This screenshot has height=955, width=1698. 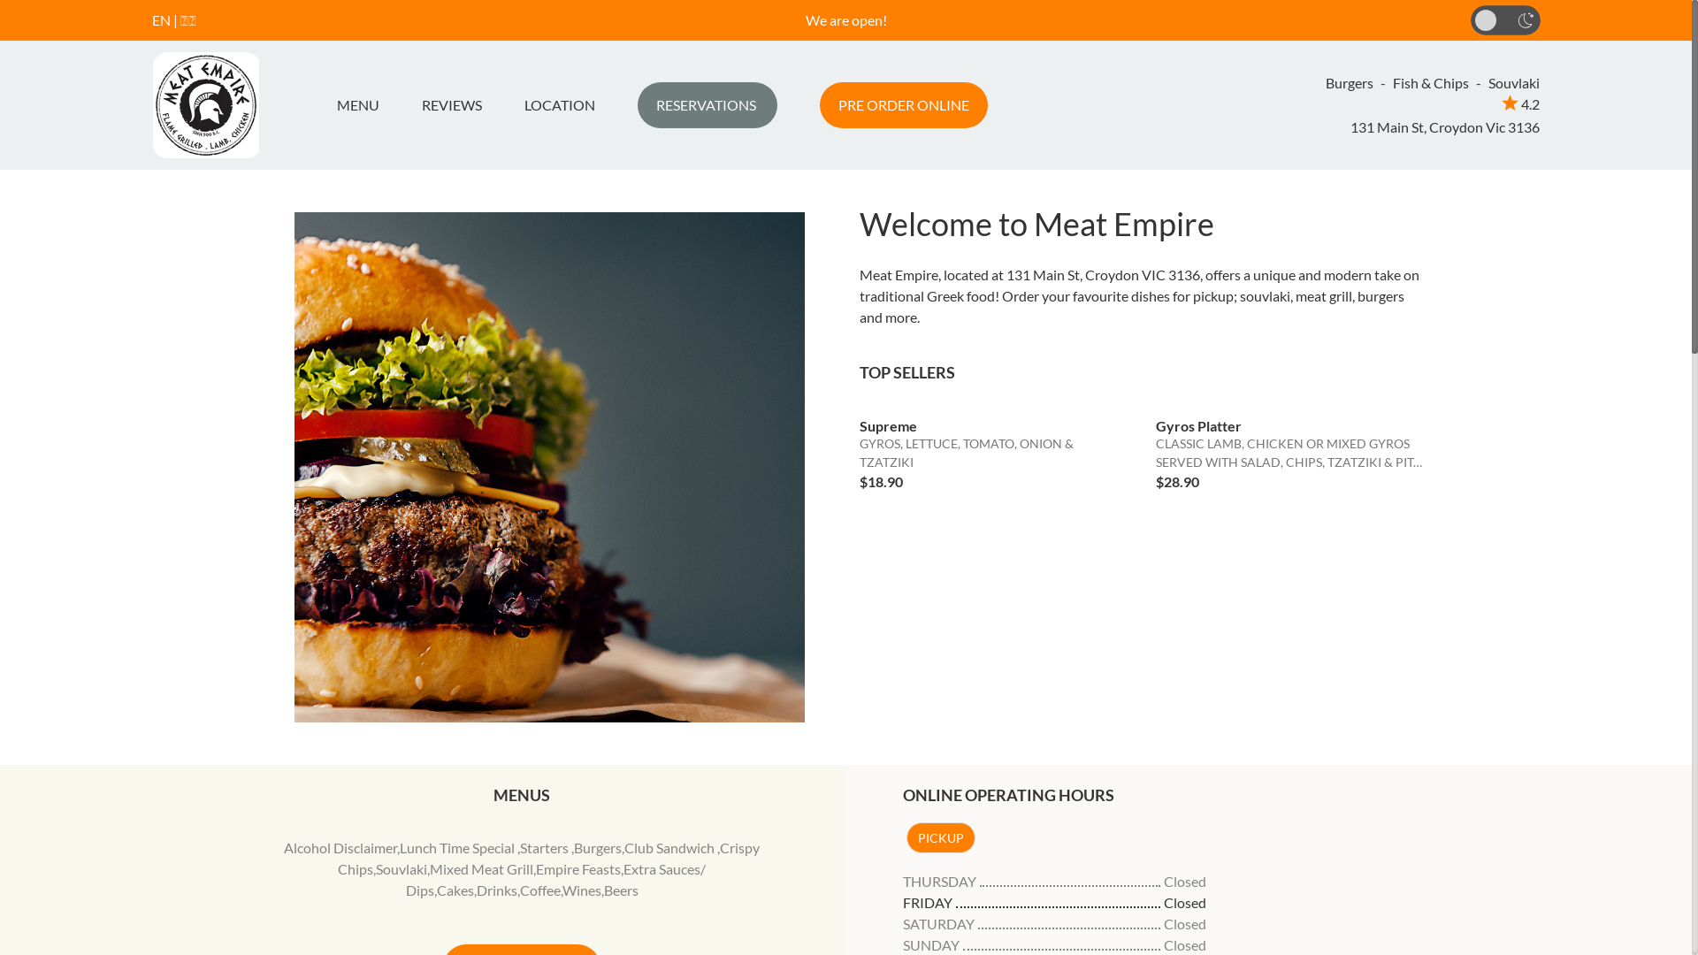 What do you see at coordinates (545, 846) in the screenshot?
I see `'Starters'` at bounding box center [545, 846].